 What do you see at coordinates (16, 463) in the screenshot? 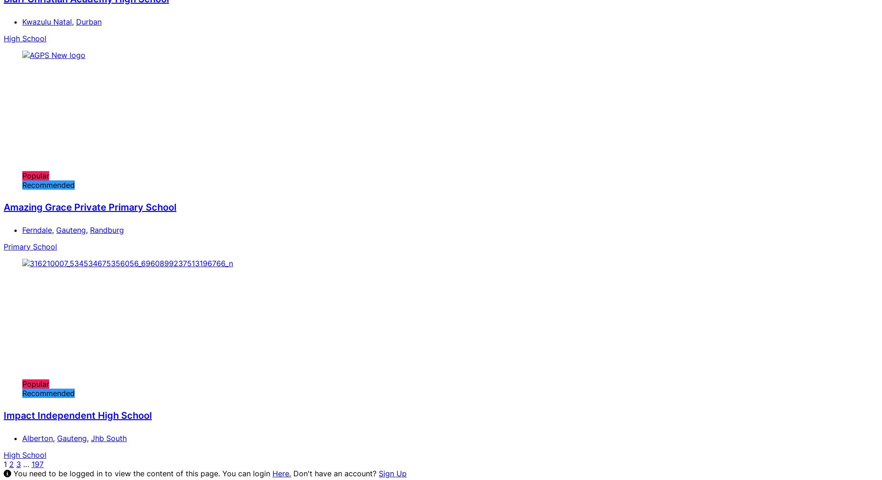
I see `'3'` at bounding box center [16, 463].